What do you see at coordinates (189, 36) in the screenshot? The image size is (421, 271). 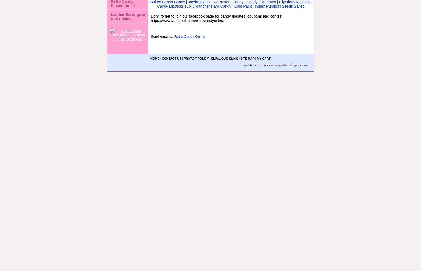 I see `'Retro Candy Online'` at bounding box center [189, 36].